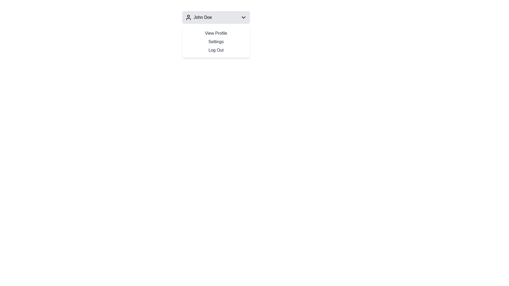 This screenshot has height=286, width=509. Describe the element at coordinates (216, 17) in the screenshot. I see `the clickable menu toggle button located at the top of the menu section, which expands or collapses user profile options` at that location.